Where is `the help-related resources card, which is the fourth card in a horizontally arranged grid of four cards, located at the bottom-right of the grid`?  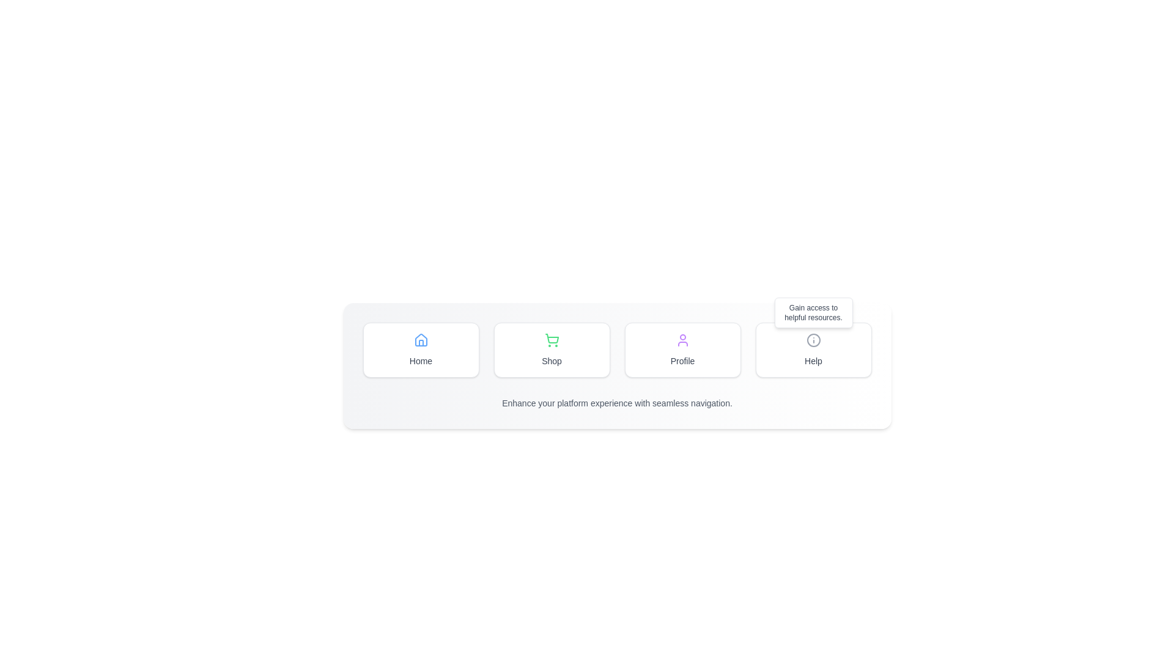 the help-related resources card, which is the fourth card in a horizontally arranged grid of four cards, located at the bottom-right of the grid is located at coordinates (813, 350).